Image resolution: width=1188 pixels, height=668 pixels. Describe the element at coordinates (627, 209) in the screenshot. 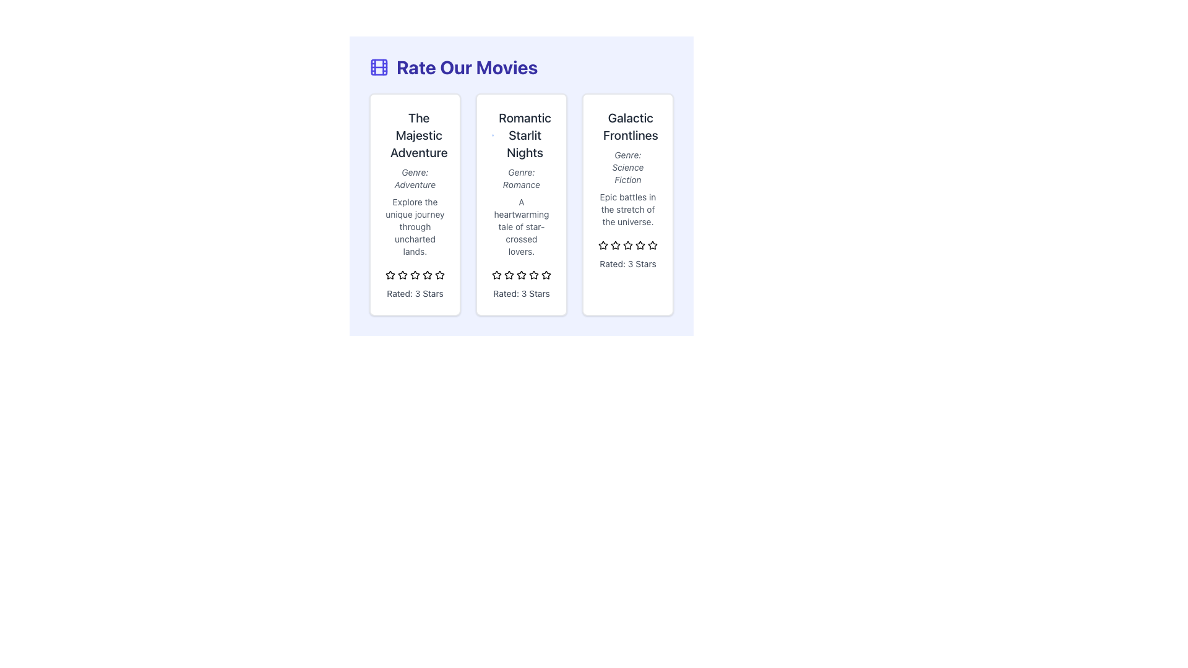

I see `text block that provides a short descriptive tagline or context for the movie 'Galactic Frontlines', located as the third line of text within the card, positioned below 'Genre: Science Fiction' and above the star rating` at that location.